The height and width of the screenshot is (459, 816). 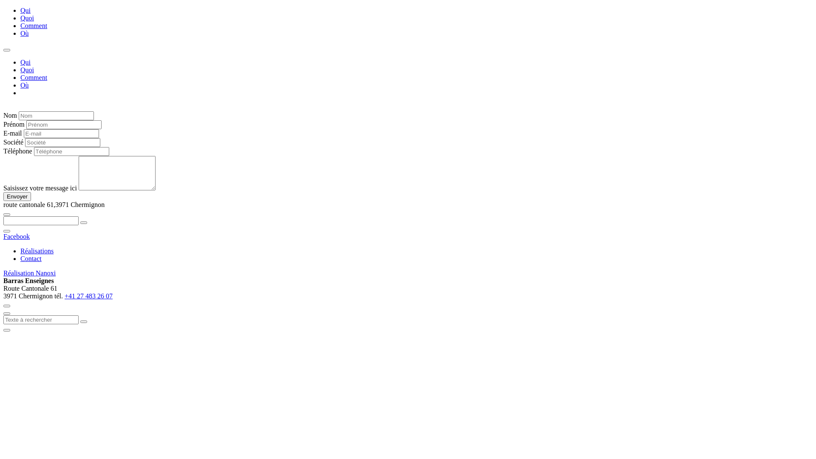 I want to click on 'fermer', so click(x=6, y=313).